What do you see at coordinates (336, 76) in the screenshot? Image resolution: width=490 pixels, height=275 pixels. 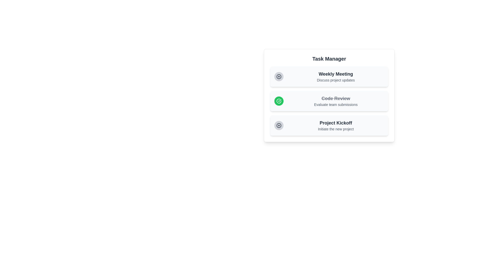 I see `the Text Display Area which contains the lines 'Weekly Meeting' and 'Discuss project updates'` at bounding box center [336, 76].